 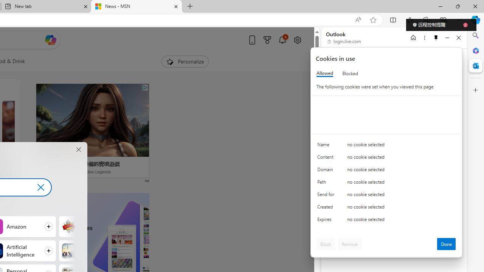 What do you see at coordinates (326, 244) in the screenshot?
I see `'Block'` at bounding box center [326, 244].